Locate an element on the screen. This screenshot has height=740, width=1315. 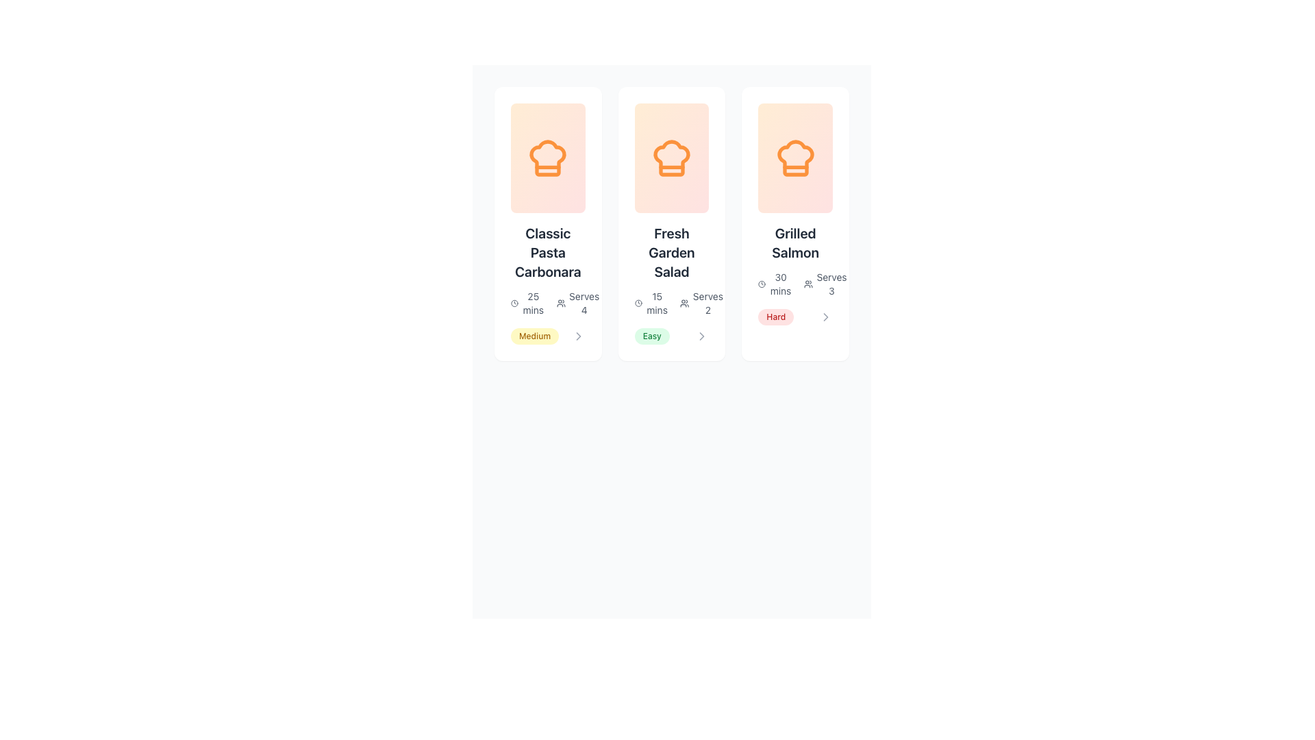
the informational text element indicating the number of servings for the 'Grilled Salmon' recipe, located at the bottom right of the card is located at coordinates (825, 284).